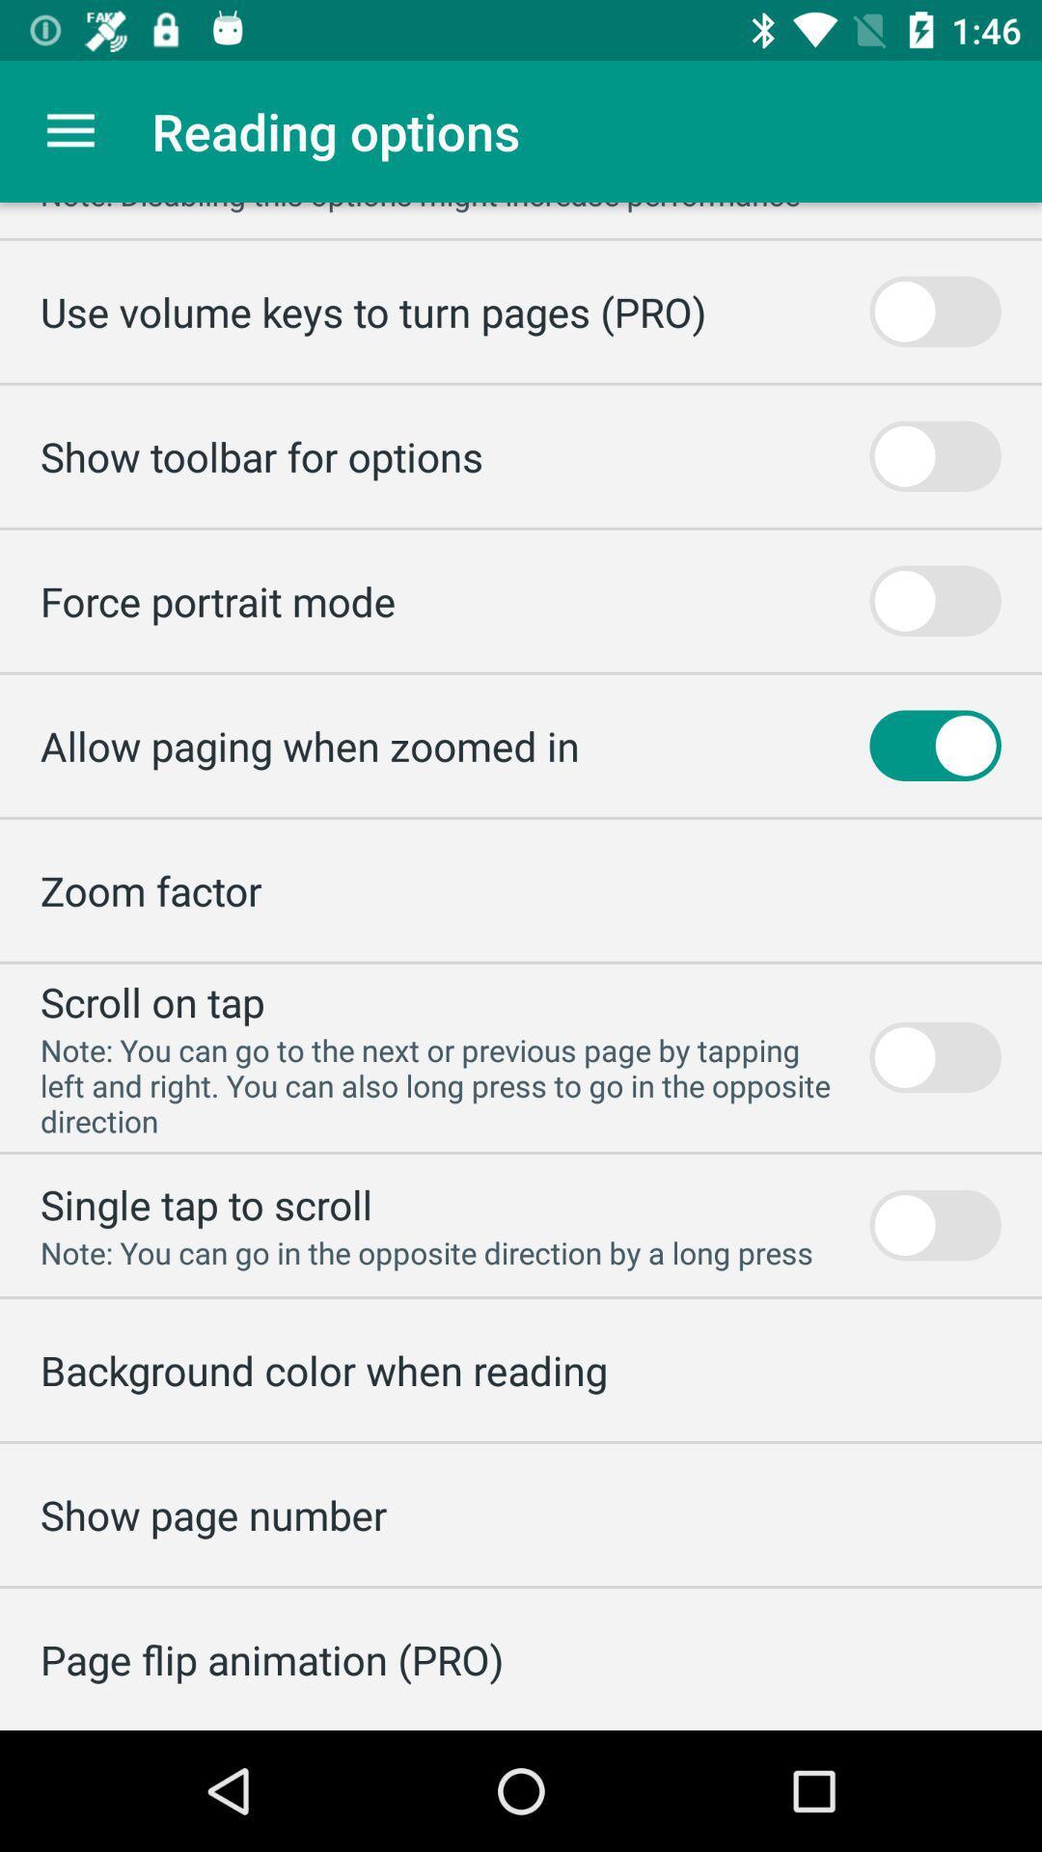 The image size is (1042, 1852). I want to click on the show page number icon, so click(213, 1513).